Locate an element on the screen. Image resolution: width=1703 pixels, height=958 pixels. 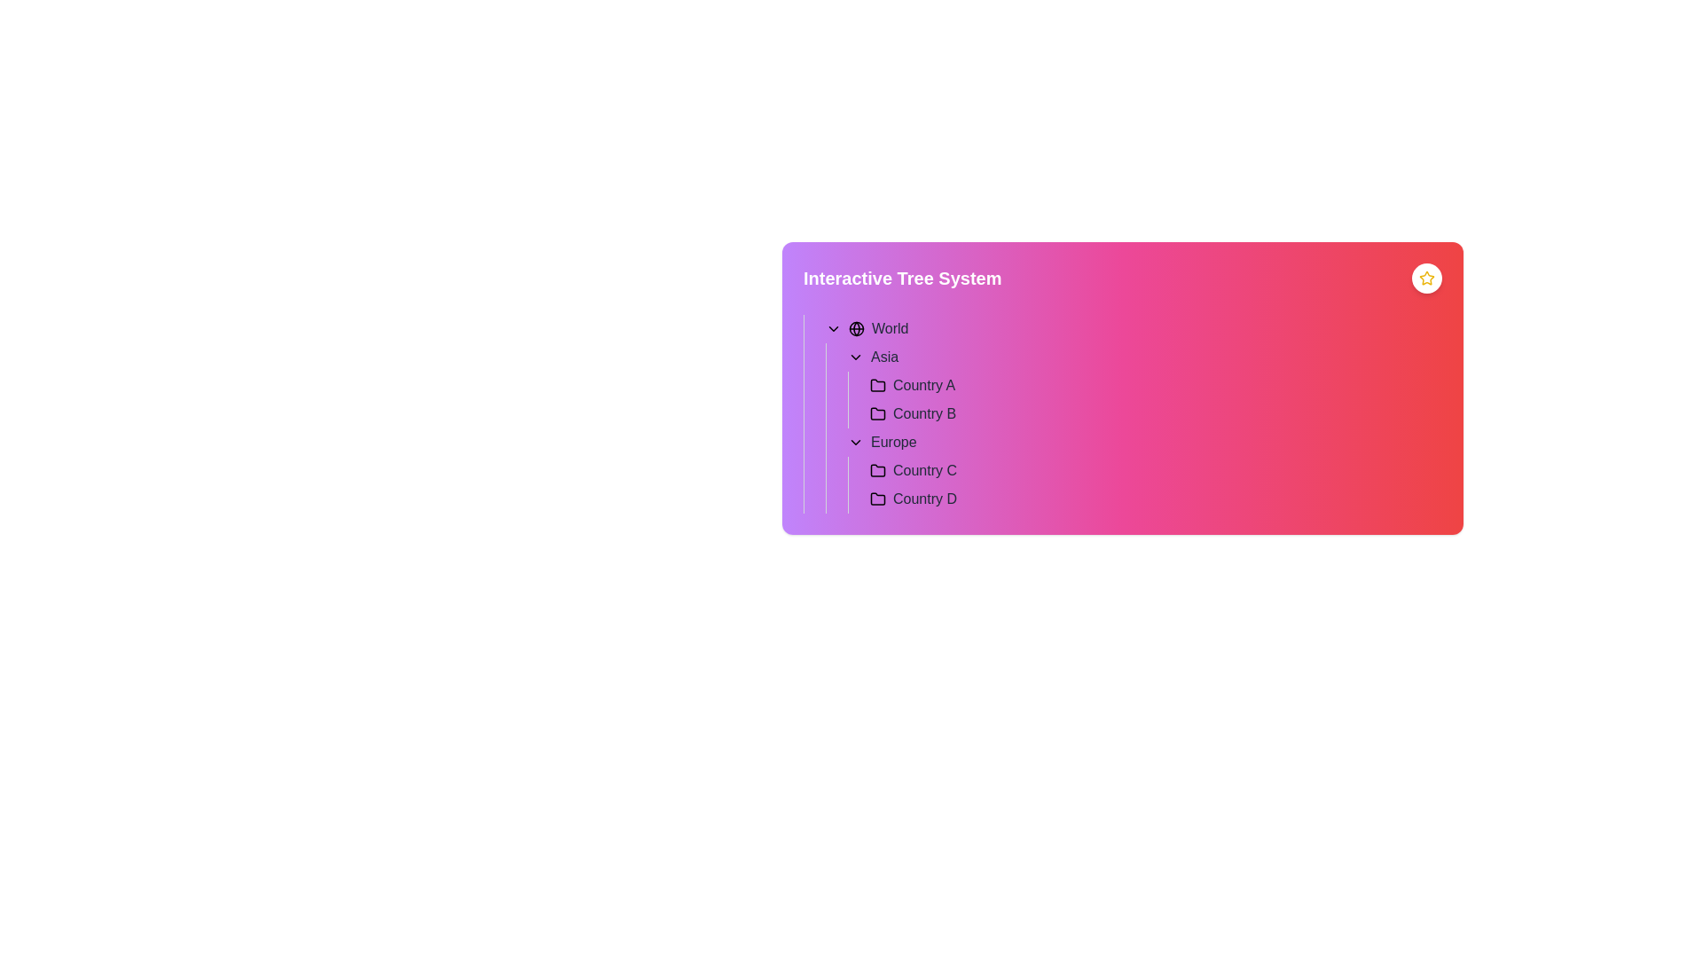
the SVG icon resembling a folder that represents the 'Country B' node in the hierarchical tree structure is located at coordinates (877, 413).